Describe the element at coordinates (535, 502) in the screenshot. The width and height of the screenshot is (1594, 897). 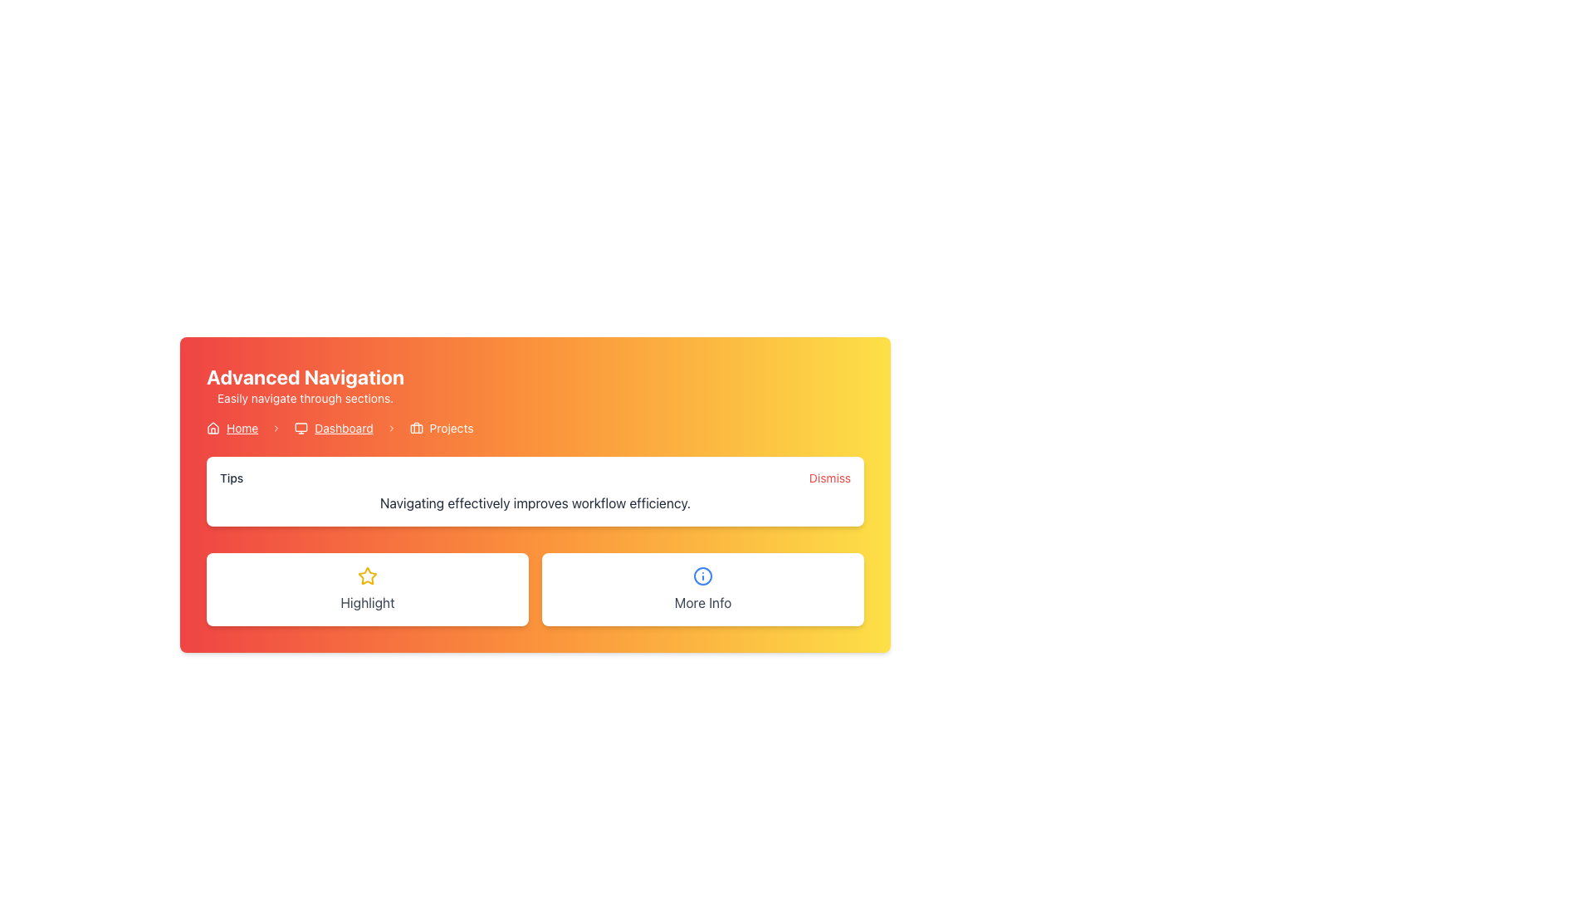
I see `text displayed in the Text Display element located below the 'Tips' header and above the 'Dismiss' button` at that location.